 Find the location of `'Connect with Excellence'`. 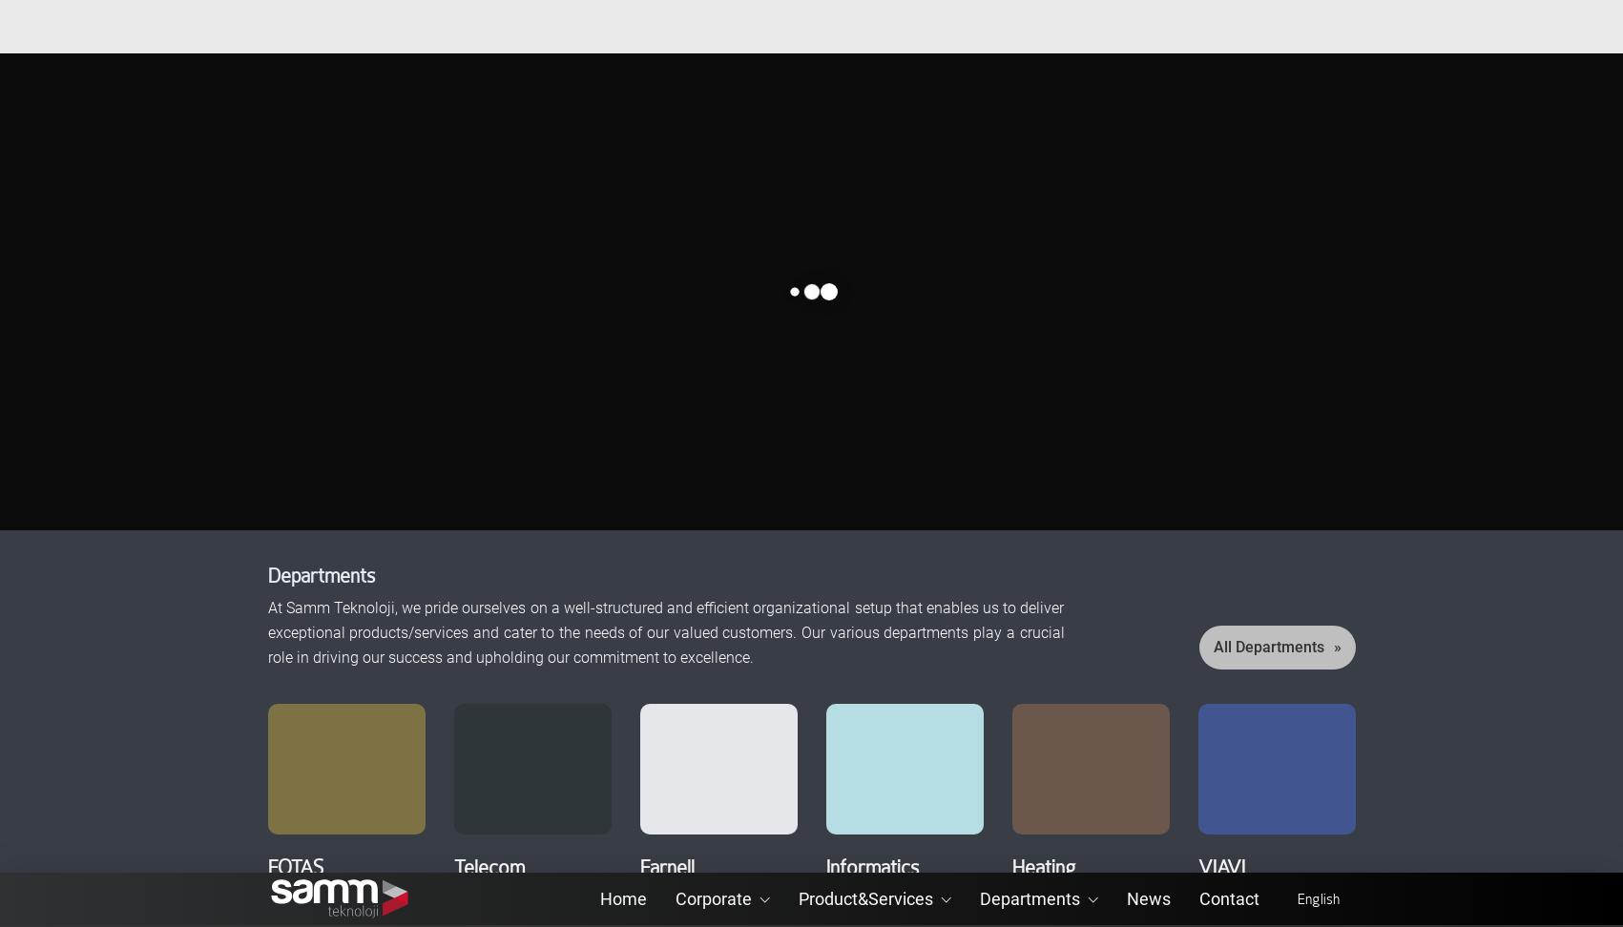

'Connect with Excellence' is located at coordinates (379, 102).